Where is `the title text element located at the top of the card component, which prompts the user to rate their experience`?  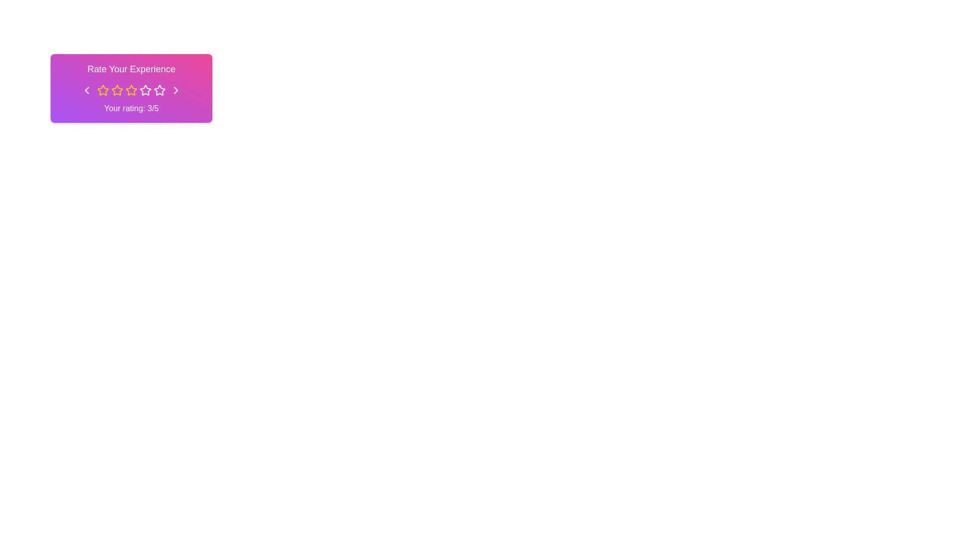
the title text element located at the top of the card component, which prompts the user to rate their experience is located at coordinates (130, 69).